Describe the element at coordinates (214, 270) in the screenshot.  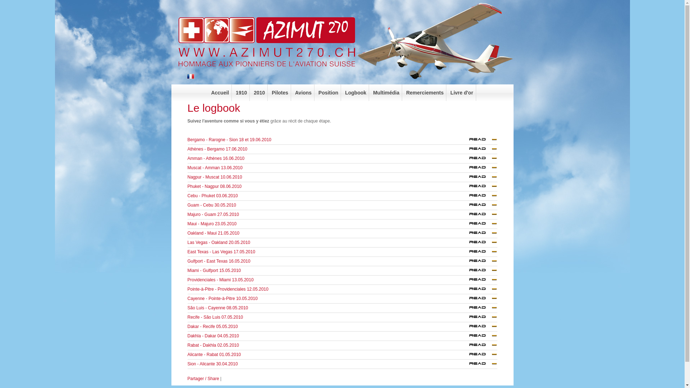
I see `'Miami - Gulfport 15.05.2010'` at that location.